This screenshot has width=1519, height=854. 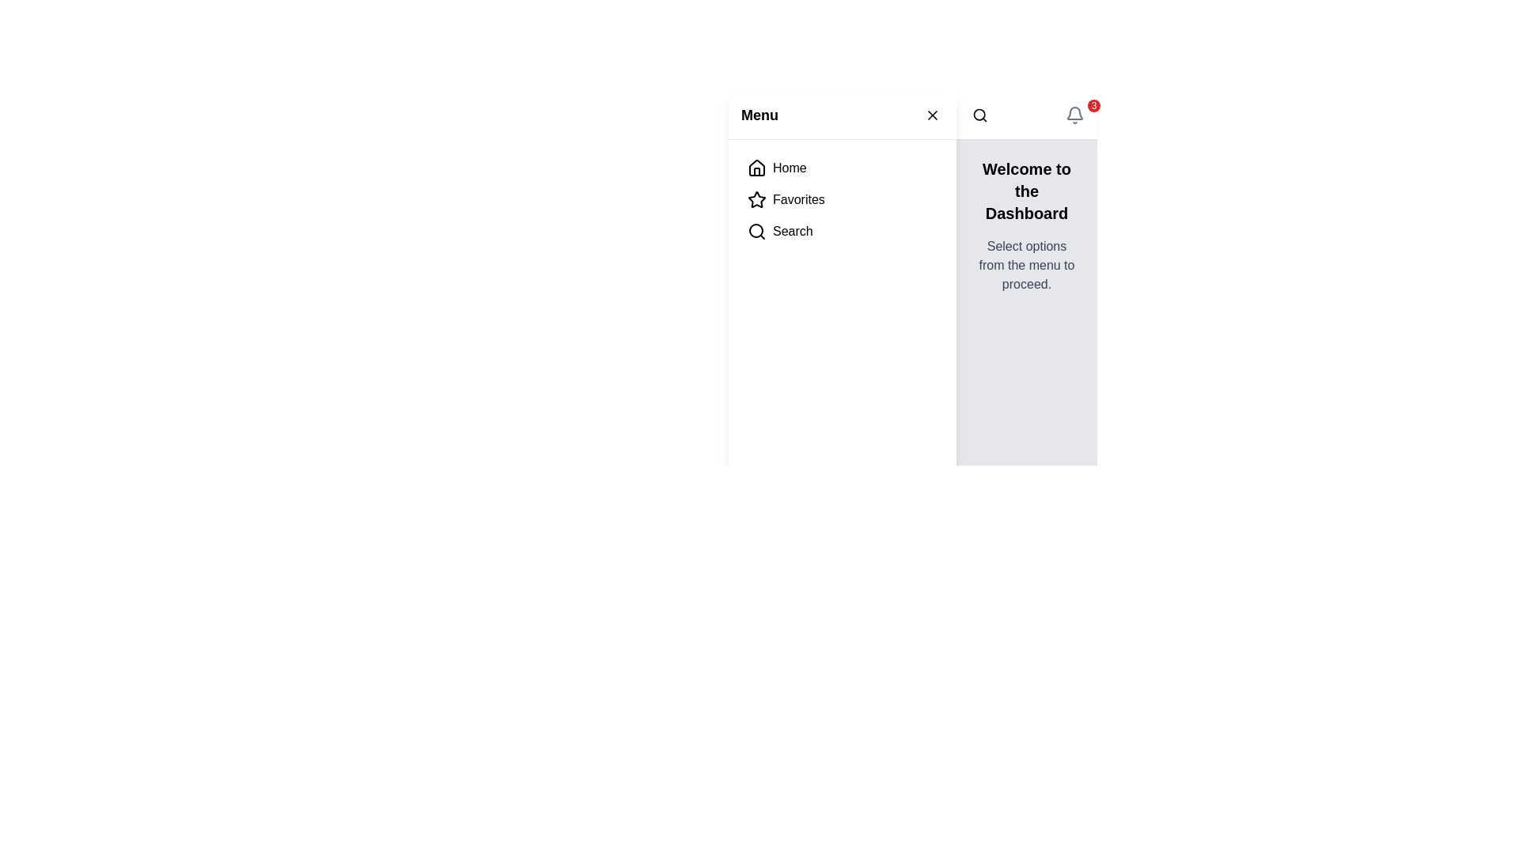 What do you see at coordinates (979, 115) in the screenshot?
I see `the search icon button located at the top right corner of the interface` at bounding box center [979, 115].